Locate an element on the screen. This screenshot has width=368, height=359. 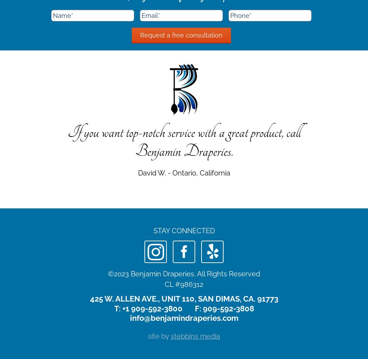
'site by' is located at coordinates (159, 336).